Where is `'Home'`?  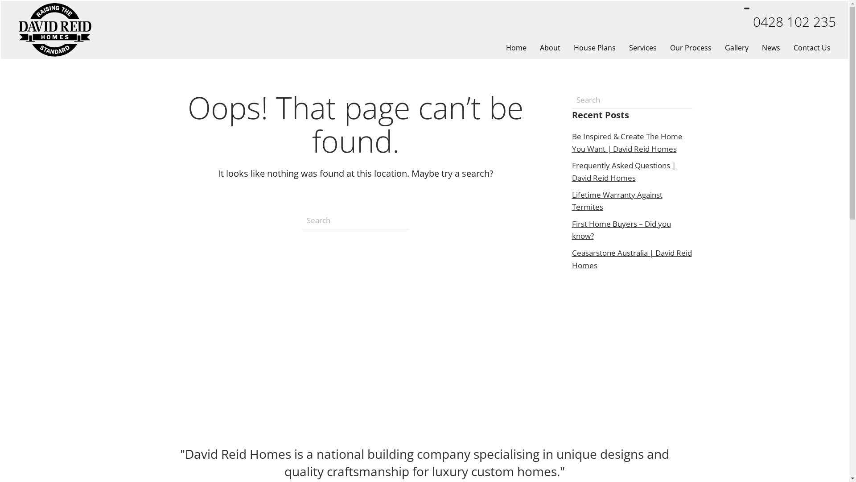
'Home' is located at coordinates (516, 48).